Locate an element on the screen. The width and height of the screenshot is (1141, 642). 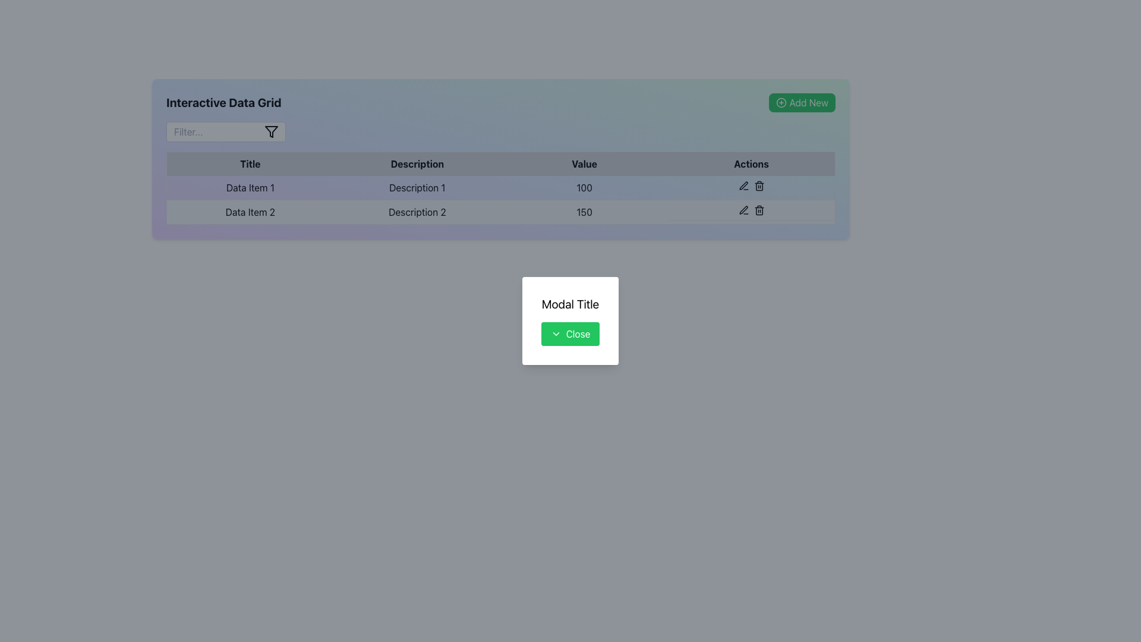
the edit icon in the Actions column of the data table row associated with 'Data Item 1' to initiate the edit action is located at coordinates (751, 186).